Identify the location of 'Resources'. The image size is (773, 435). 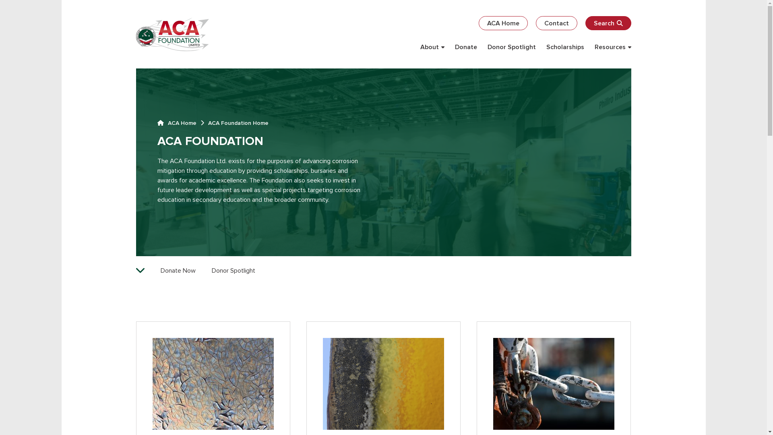
(612, 47).